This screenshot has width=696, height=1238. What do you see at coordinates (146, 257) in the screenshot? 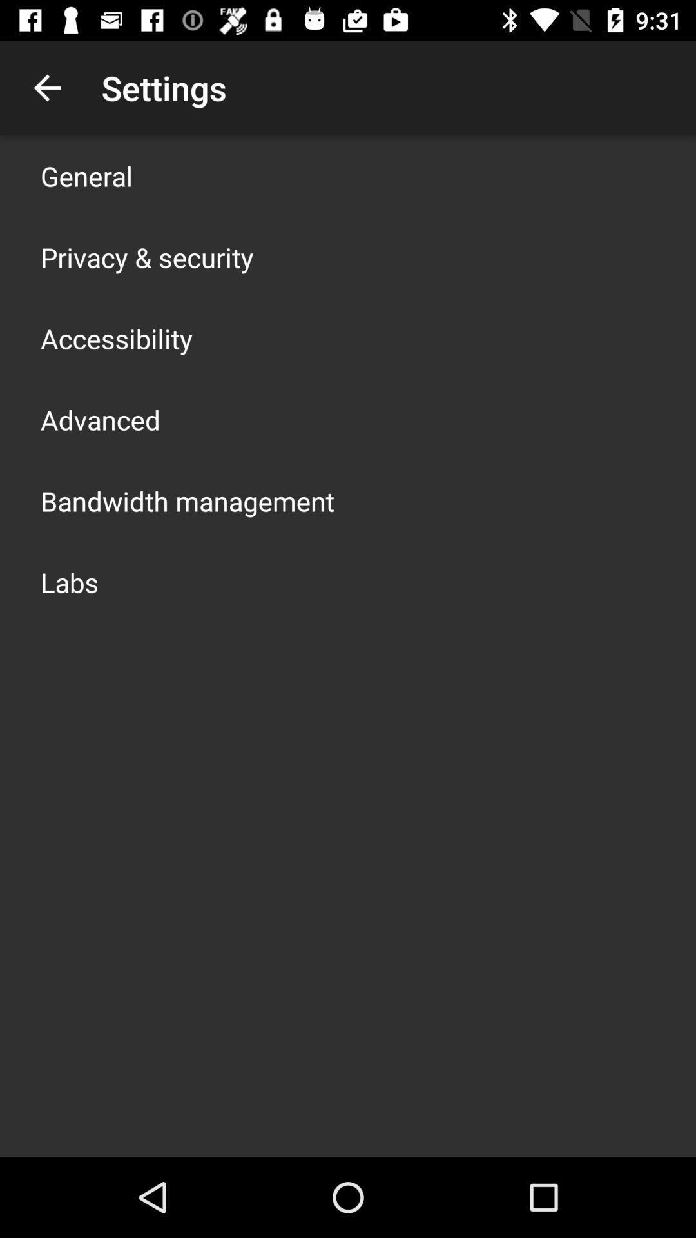
I see `privacy & security icon` at bounding box center [146, 257].